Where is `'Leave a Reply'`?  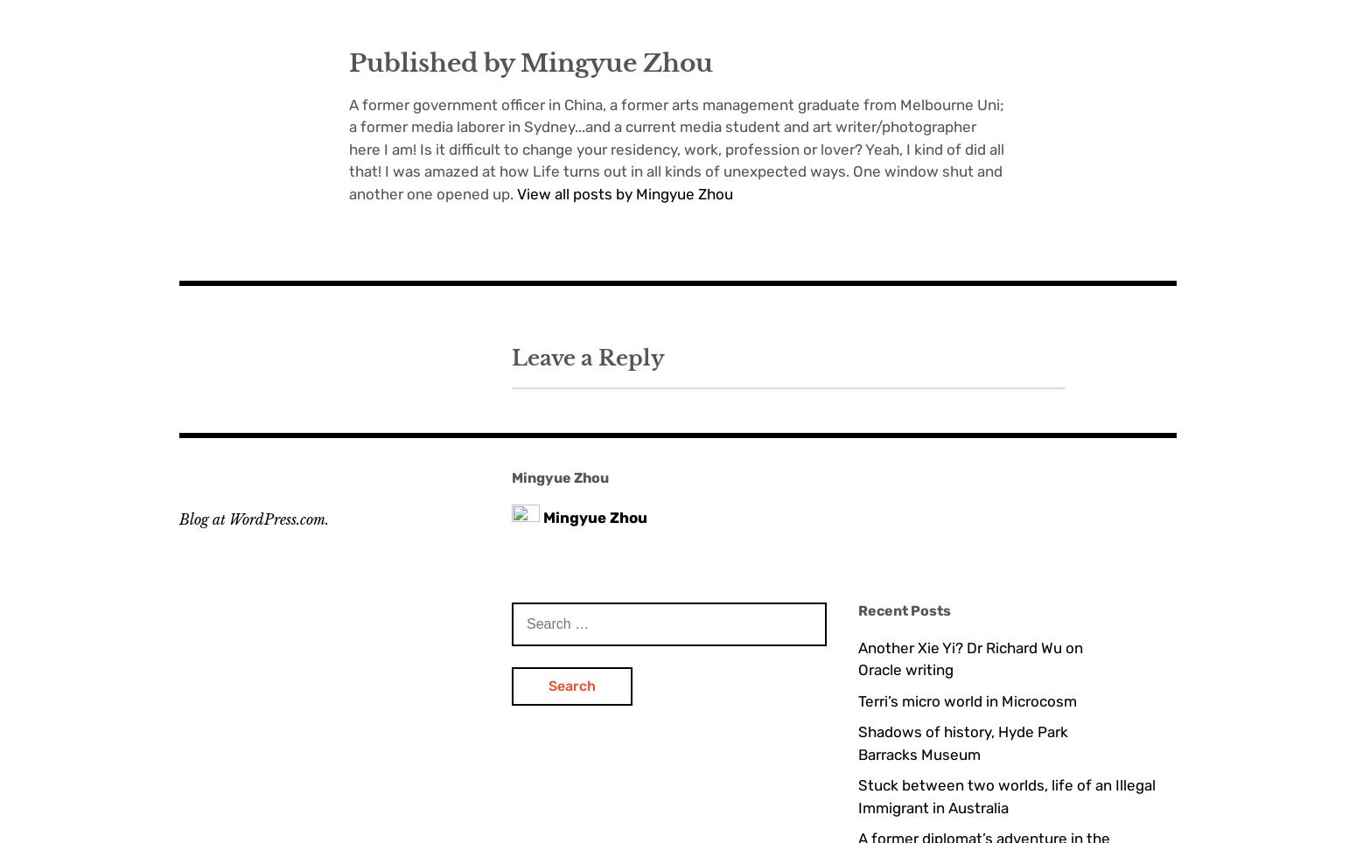
'Leave a Reply' is located at coordinates (586, 356).